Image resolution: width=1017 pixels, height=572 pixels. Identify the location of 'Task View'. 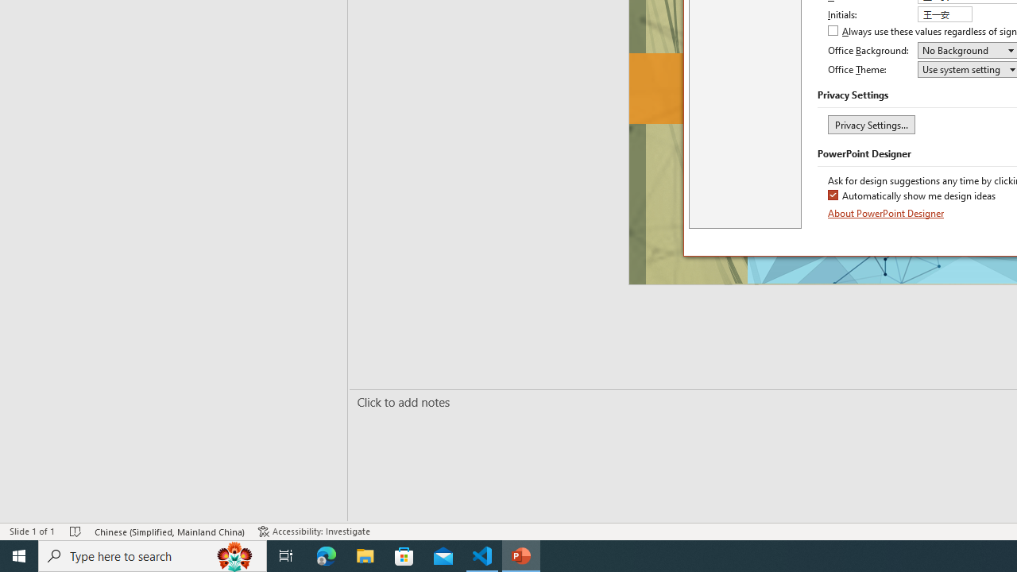
(285, 555).